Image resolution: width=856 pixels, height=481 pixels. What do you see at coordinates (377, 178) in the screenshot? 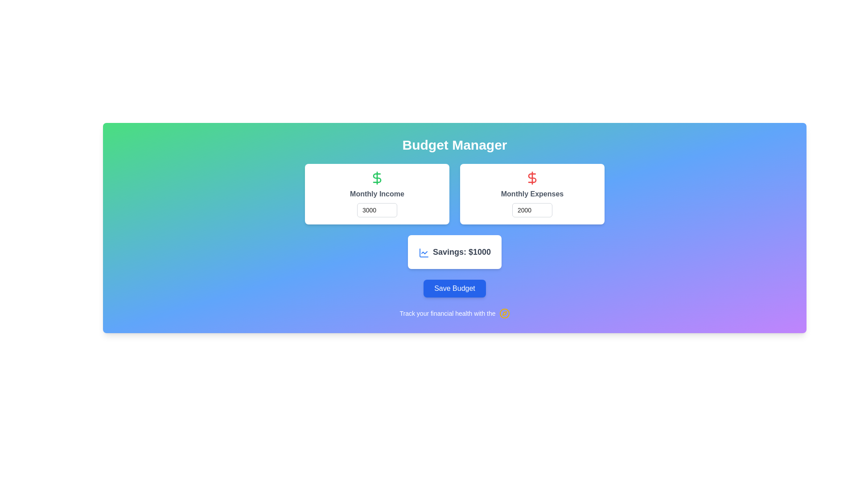
I see `the green dollar sign icon located at the top of the 'Monthly Income' card in the Budget Manager interface` at bounding box center [377, 178].